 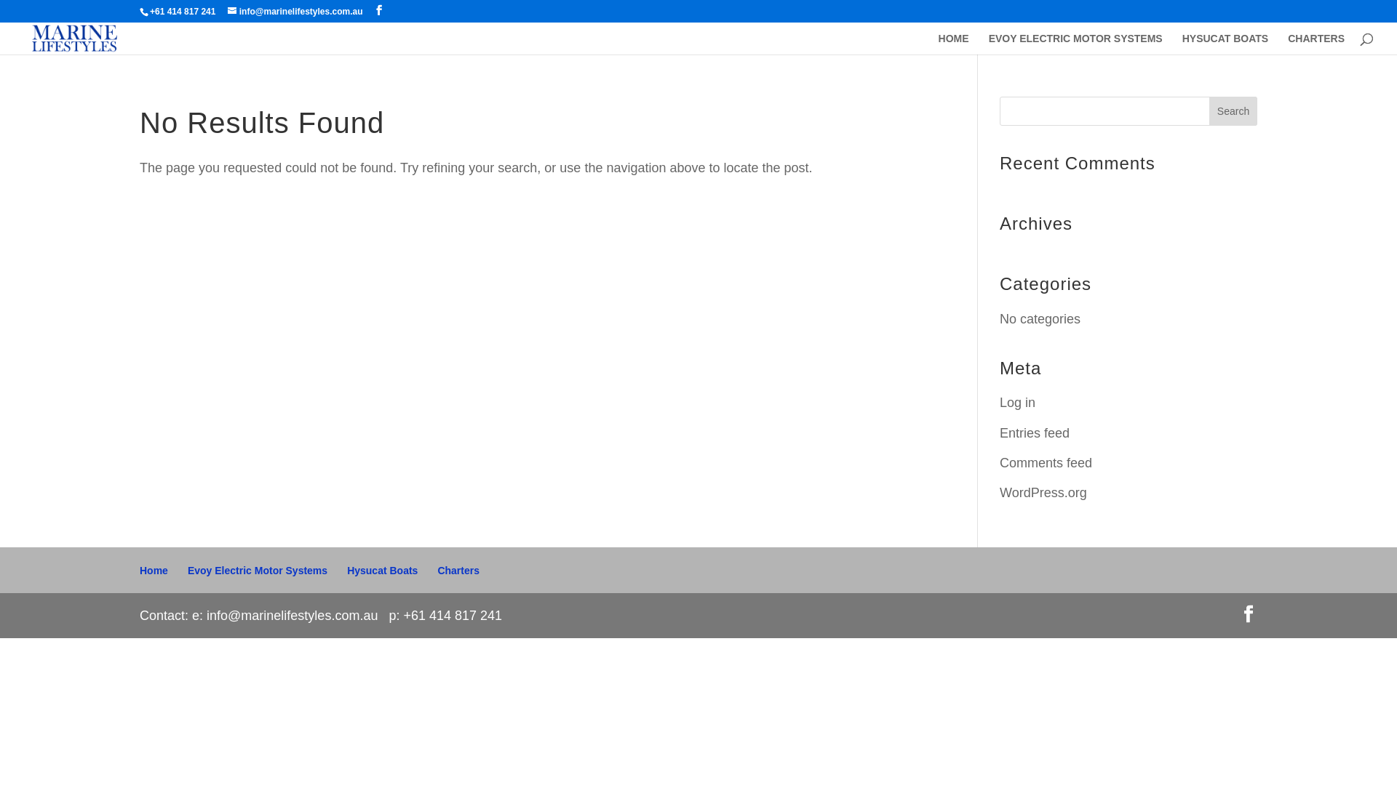 I want to click on 'CHARTERS', so click(x=1316, y=43).